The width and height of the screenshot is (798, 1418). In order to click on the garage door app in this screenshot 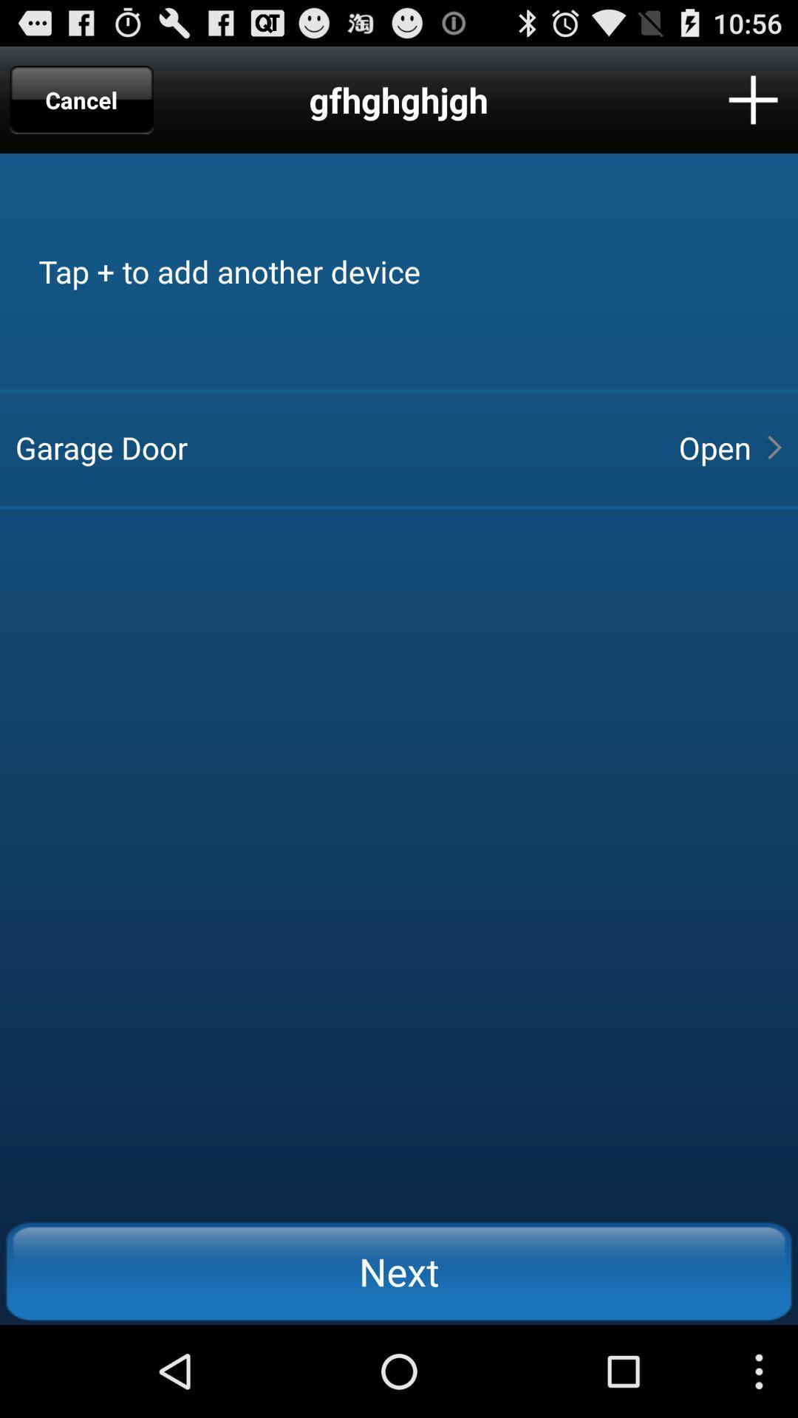, I will do `click(334, 446)`.